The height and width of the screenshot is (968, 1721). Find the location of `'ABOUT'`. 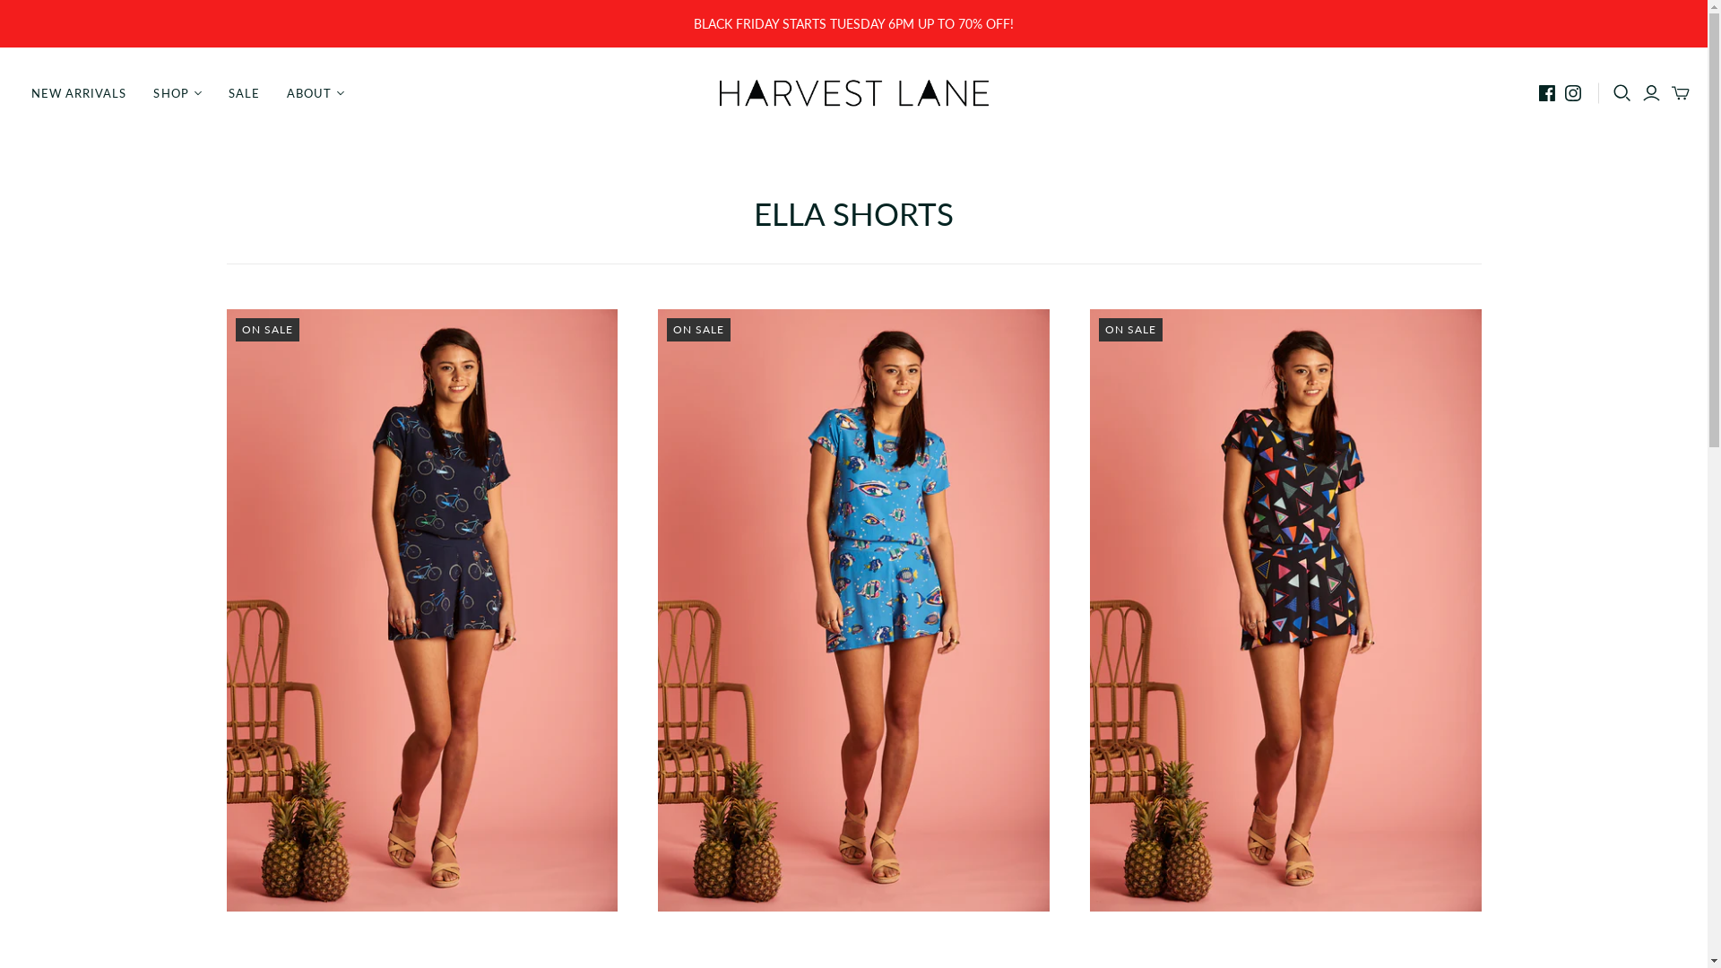

'ABOUT' is located at coordinates (315, 93).